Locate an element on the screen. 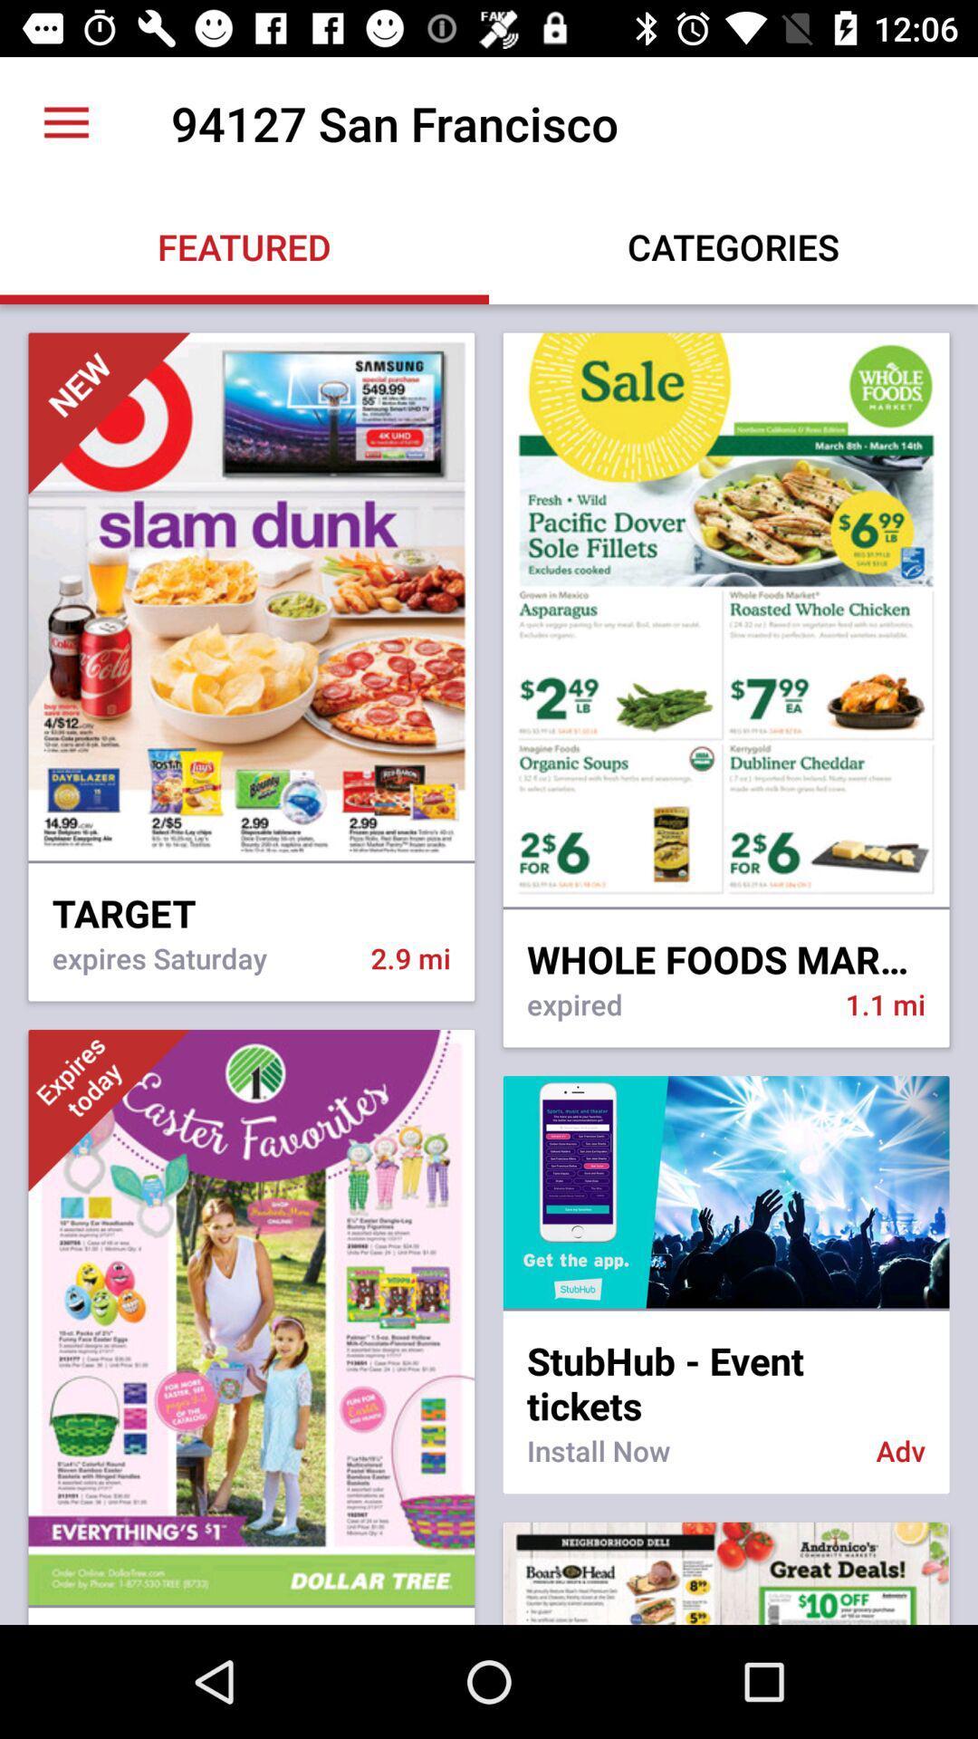 This screenshot has height=1739, width=978. item next to the adv icon is located at coordinates (689, 1462).